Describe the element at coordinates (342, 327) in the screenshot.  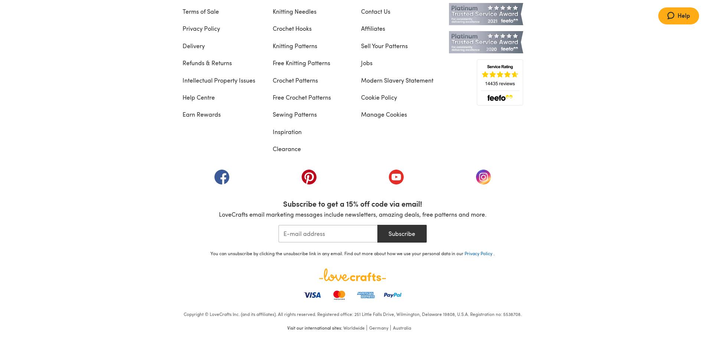
I see `'Worldwide'` at that location.